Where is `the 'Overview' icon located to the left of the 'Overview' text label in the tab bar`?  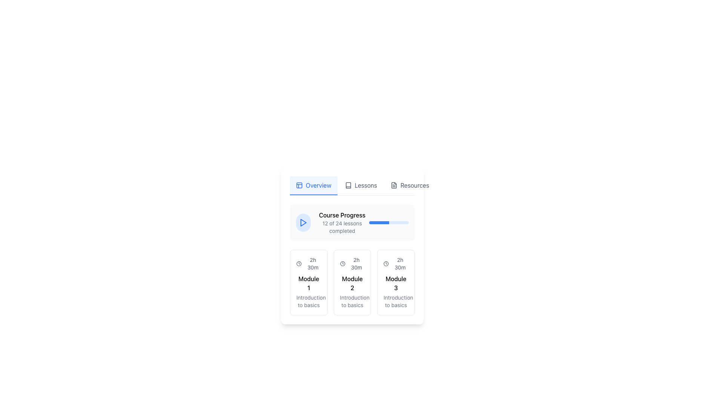
the 'Overview' icon located to the left of the 'Overview' text label in the tab bar is located at coordinates (299, 185).